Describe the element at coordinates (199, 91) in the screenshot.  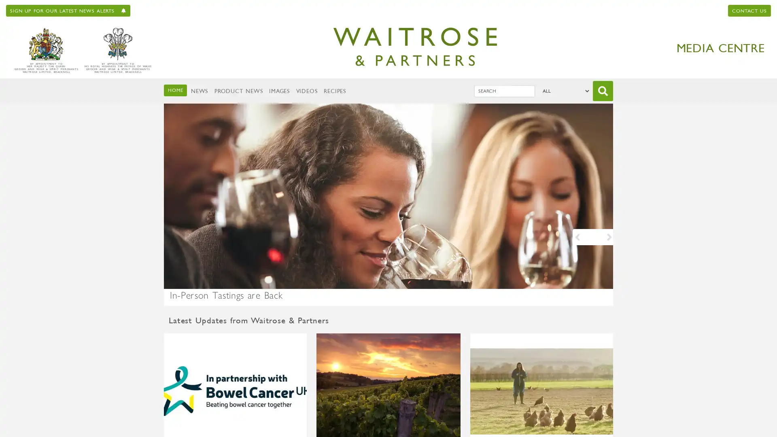
I see `NEWS` at that location.